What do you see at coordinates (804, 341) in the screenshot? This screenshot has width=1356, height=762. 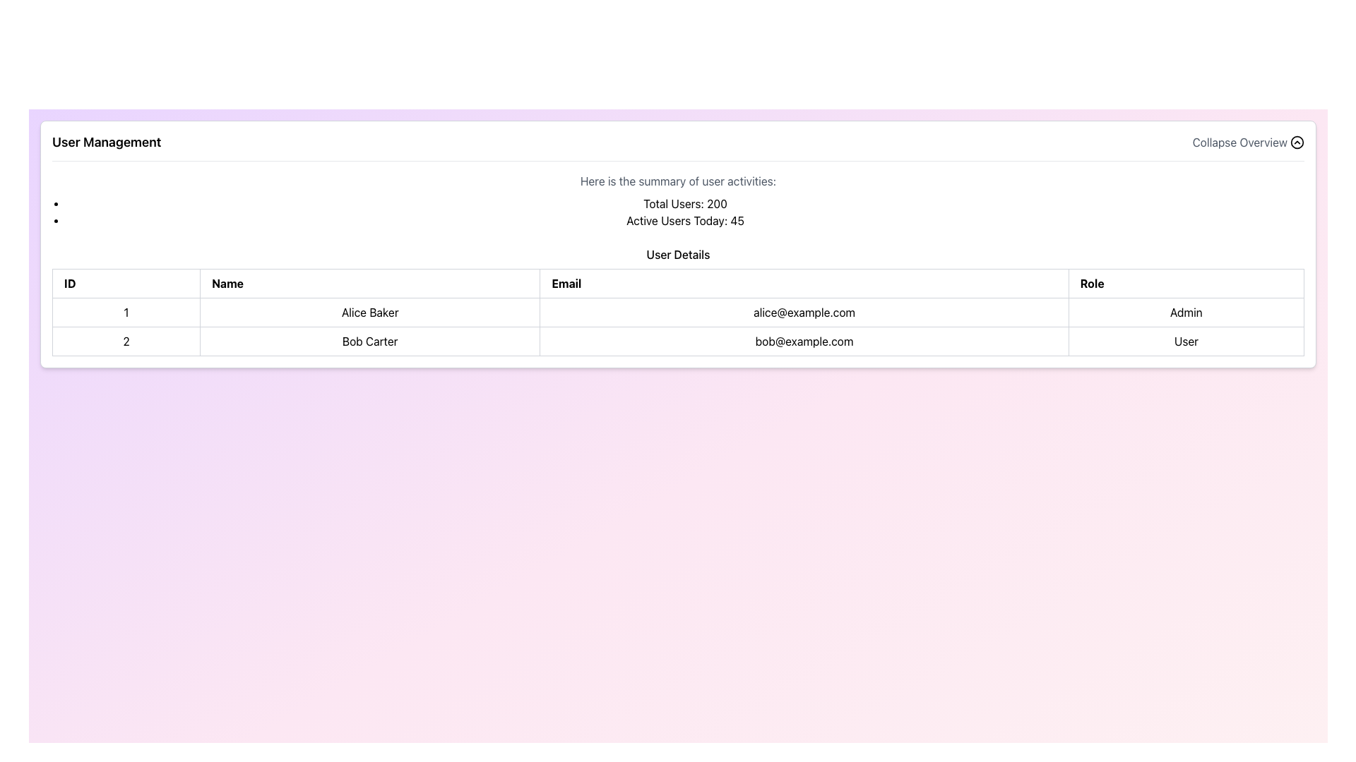 I see `the email address cell in the second row of the table, which is the third cell under the 'Email' column, located between 'Bob Carter' and 'User'` at bounding box center [804, 341].